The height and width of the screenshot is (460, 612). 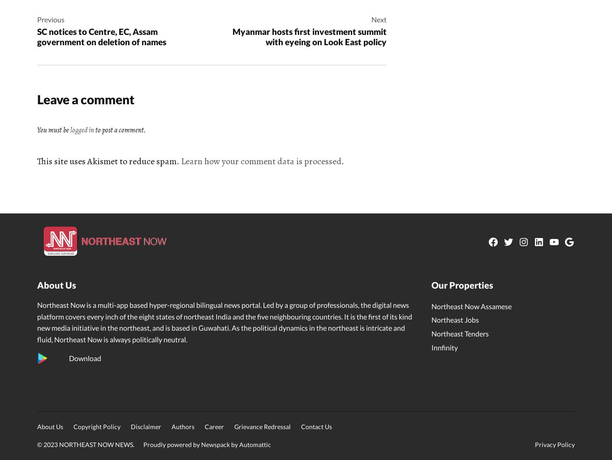 I want to click on '.', so click(x=342, y=161).